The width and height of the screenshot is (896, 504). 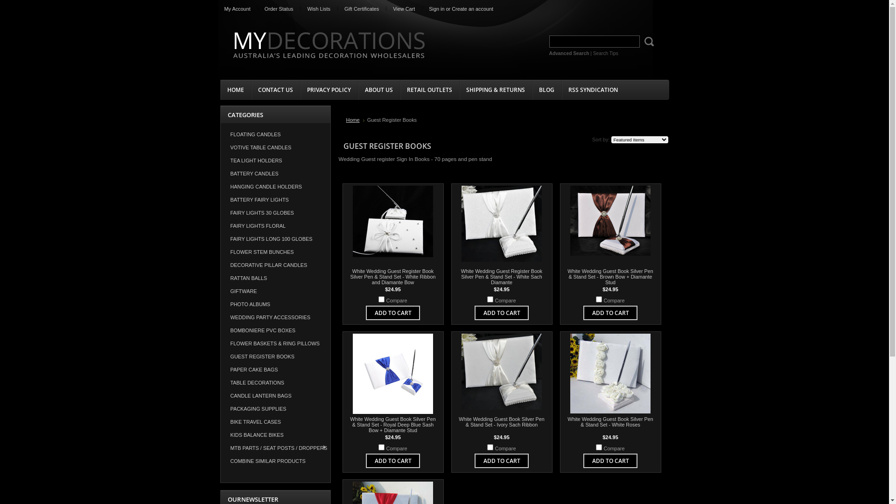 What do you see at coordinates (275, 369) in the screenshot?
I see `'PAPER CAKE BAGS'` at bounding box center [275, 369].